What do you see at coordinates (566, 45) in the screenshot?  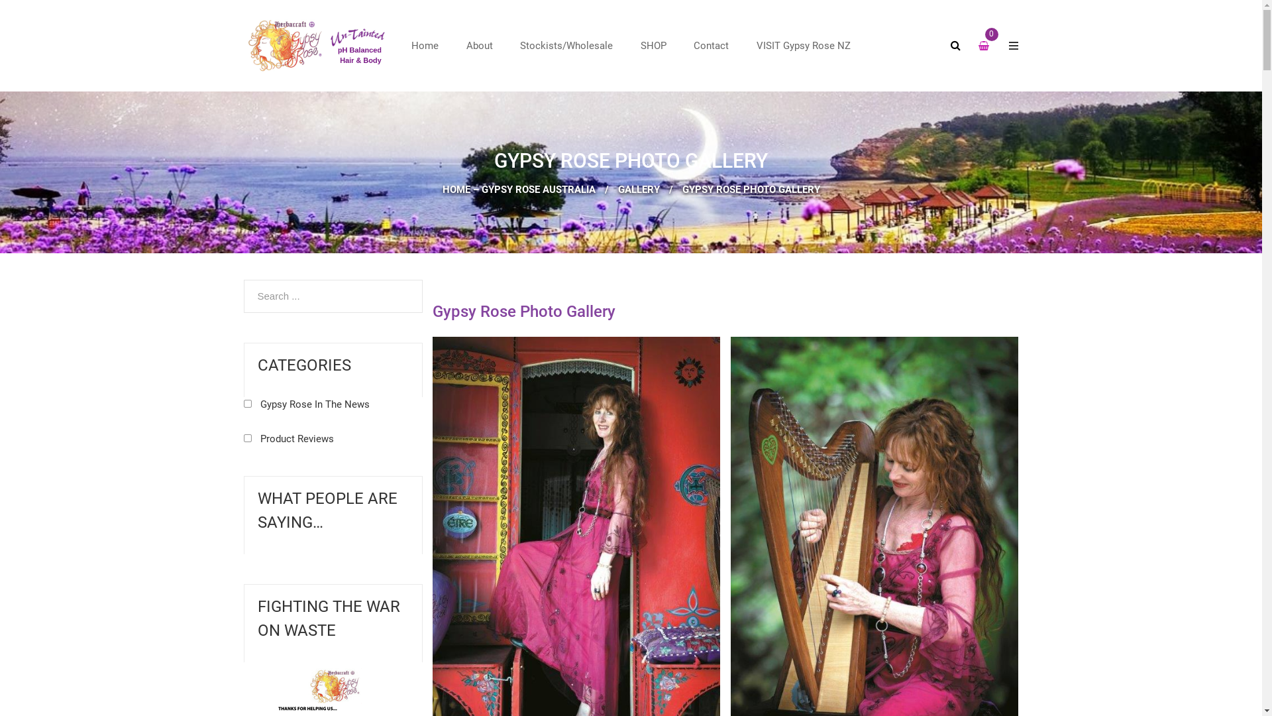 I see `'Stockists/Wholesale'` at bounding box center [566, 45].